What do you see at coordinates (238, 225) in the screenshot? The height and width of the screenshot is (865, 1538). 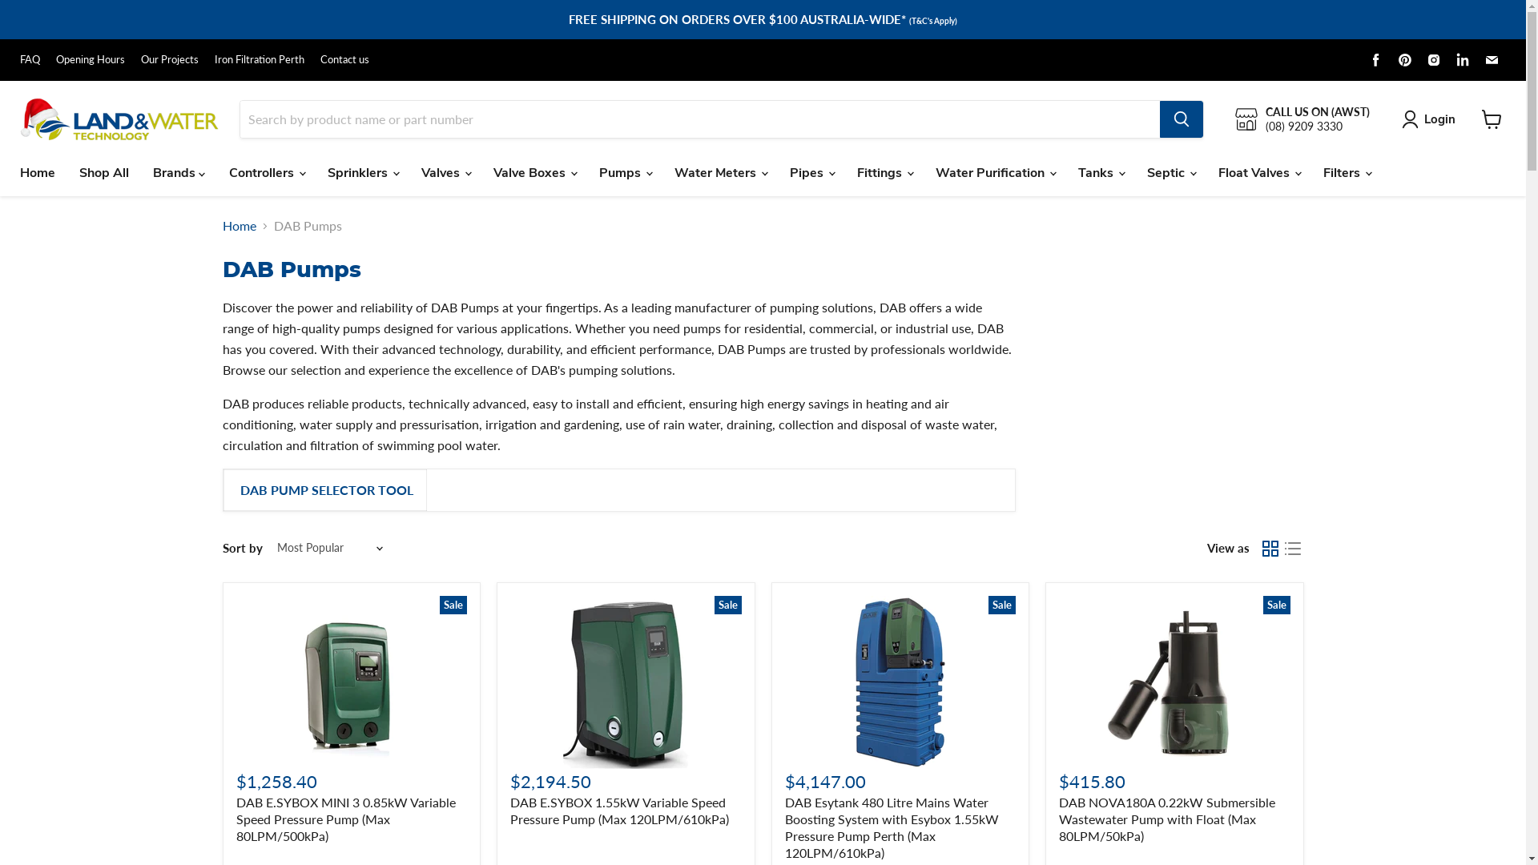 I see `'Home'` at bounding box center [238, 225].